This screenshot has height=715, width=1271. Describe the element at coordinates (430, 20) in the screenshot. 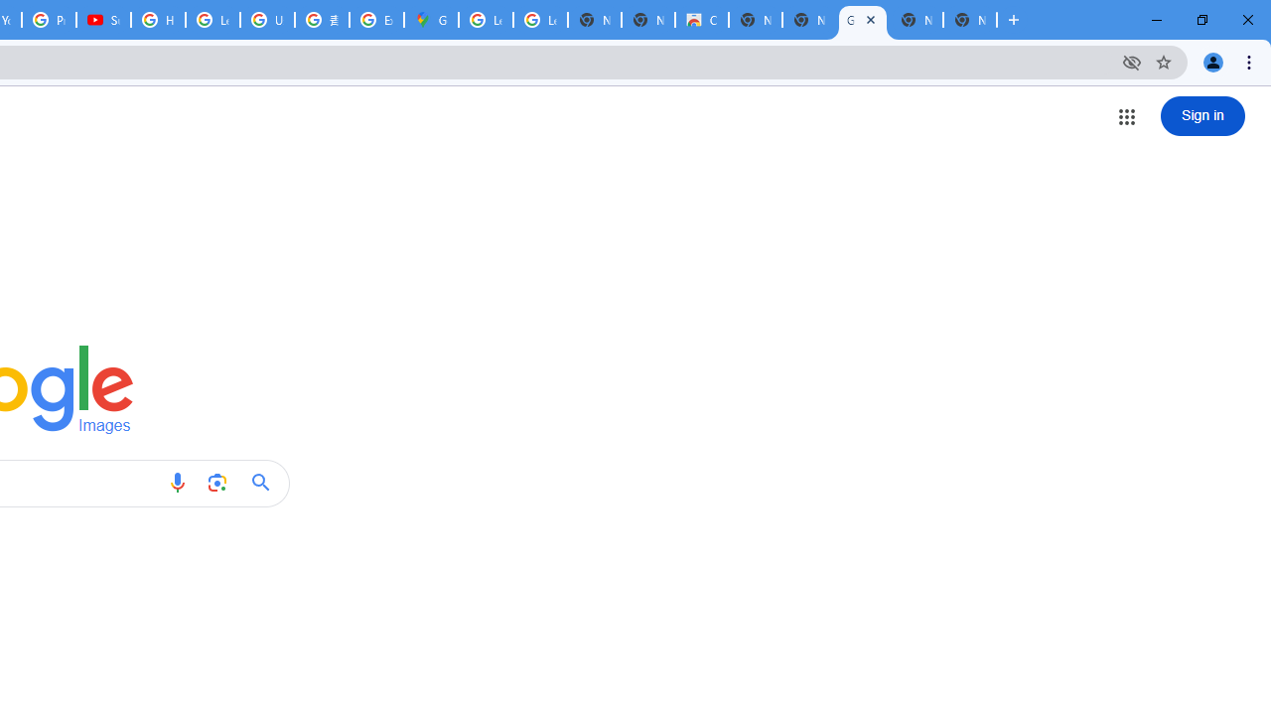

I see `'Google Maps'` at that location.